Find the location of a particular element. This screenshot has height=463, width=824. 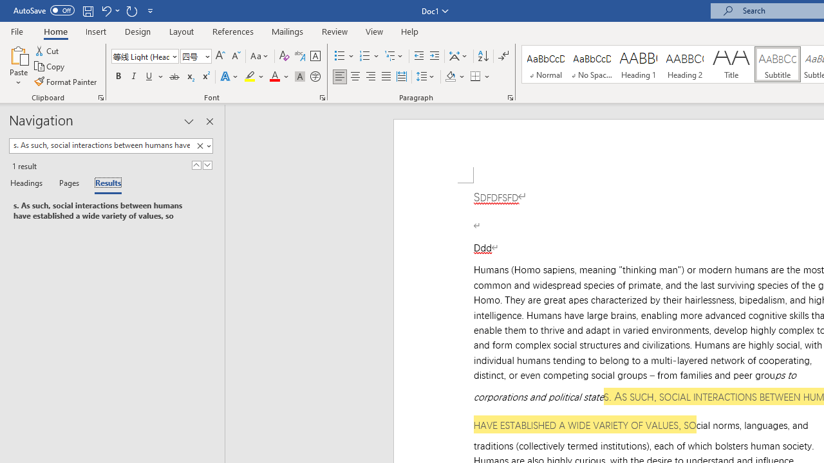

'Undo Style' is located at coordinates (106, 10).